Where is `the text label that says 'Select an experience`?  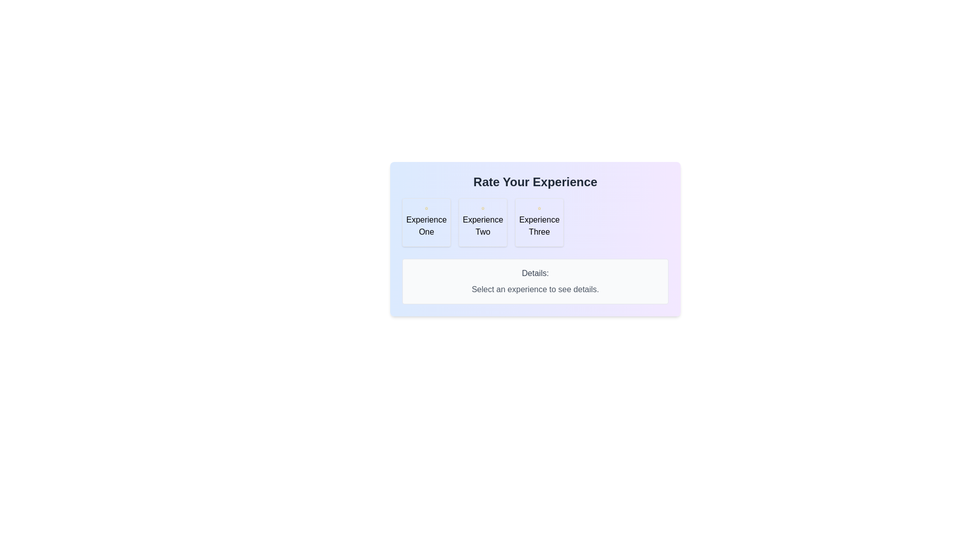
the text label that says 'Select an experience is located at coordinates (534, 290).